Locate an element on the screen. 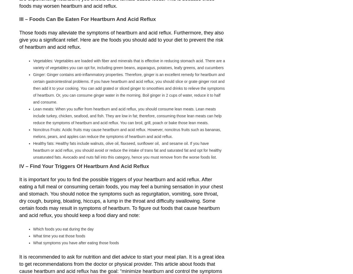  'Healthy fats: Healthy fats include walnuts, olive oil, flaxseed, sunflower oil,  and sesame oil. If you have heartburn or acid reflux, you should avoid or reduce the intake of trans fat and saturated fat and opt for healthy unsaturated fats. Avocado and nuts fall into this category, hence you must remove from the worse foods list.' is located at coordinates (127, 150).